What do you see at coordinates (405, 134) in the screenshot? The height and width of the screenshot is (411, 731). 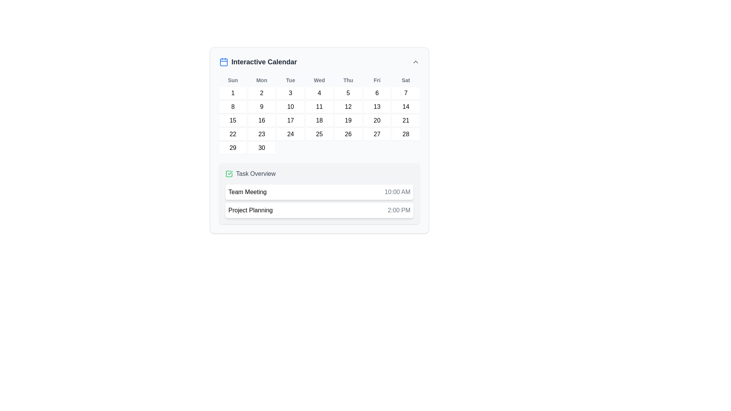 I see `the clickable button representing the date 28 in the calendar interface` at bounding box center [405, 134].